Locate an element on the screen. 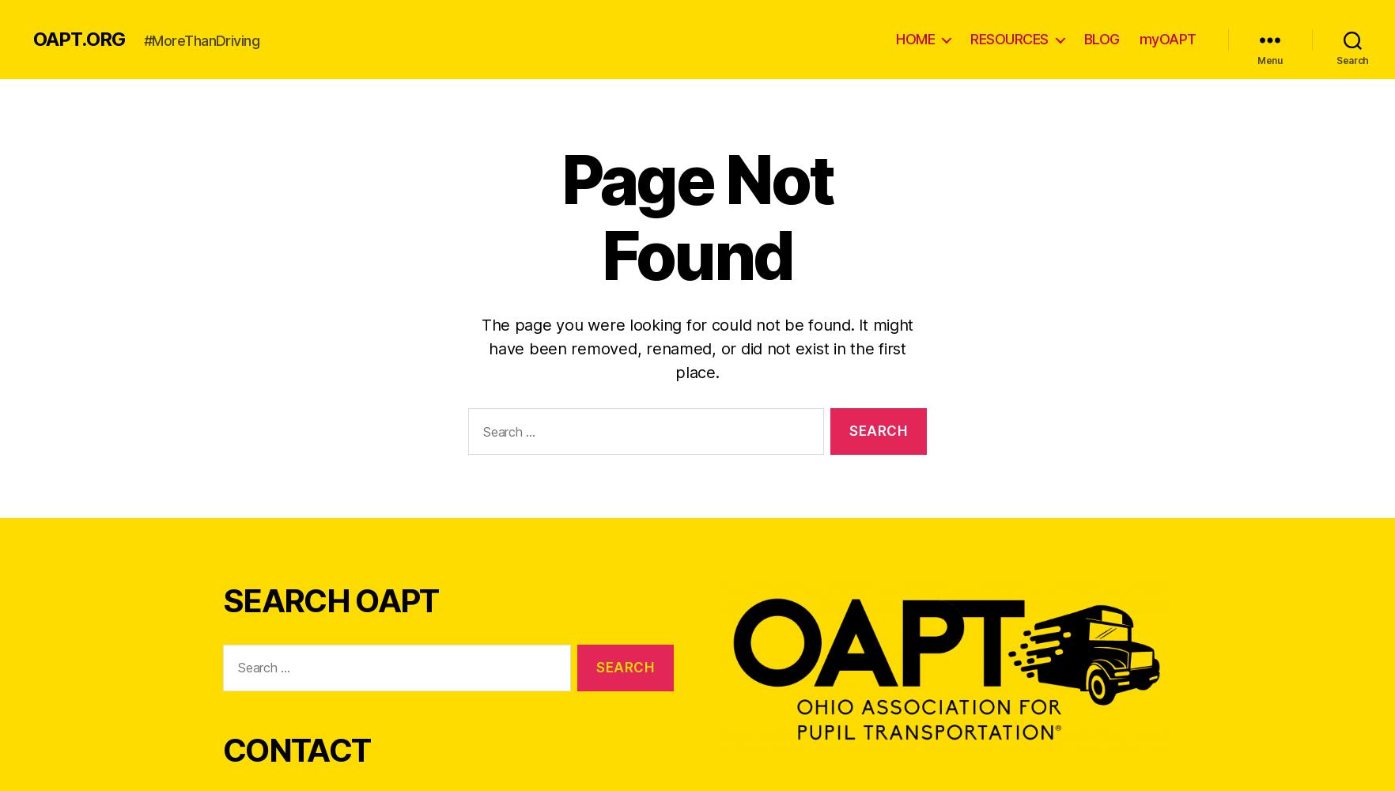 The image size is (1395, 791). 'OAPT.ORG' is located at coordinates (79, 39).